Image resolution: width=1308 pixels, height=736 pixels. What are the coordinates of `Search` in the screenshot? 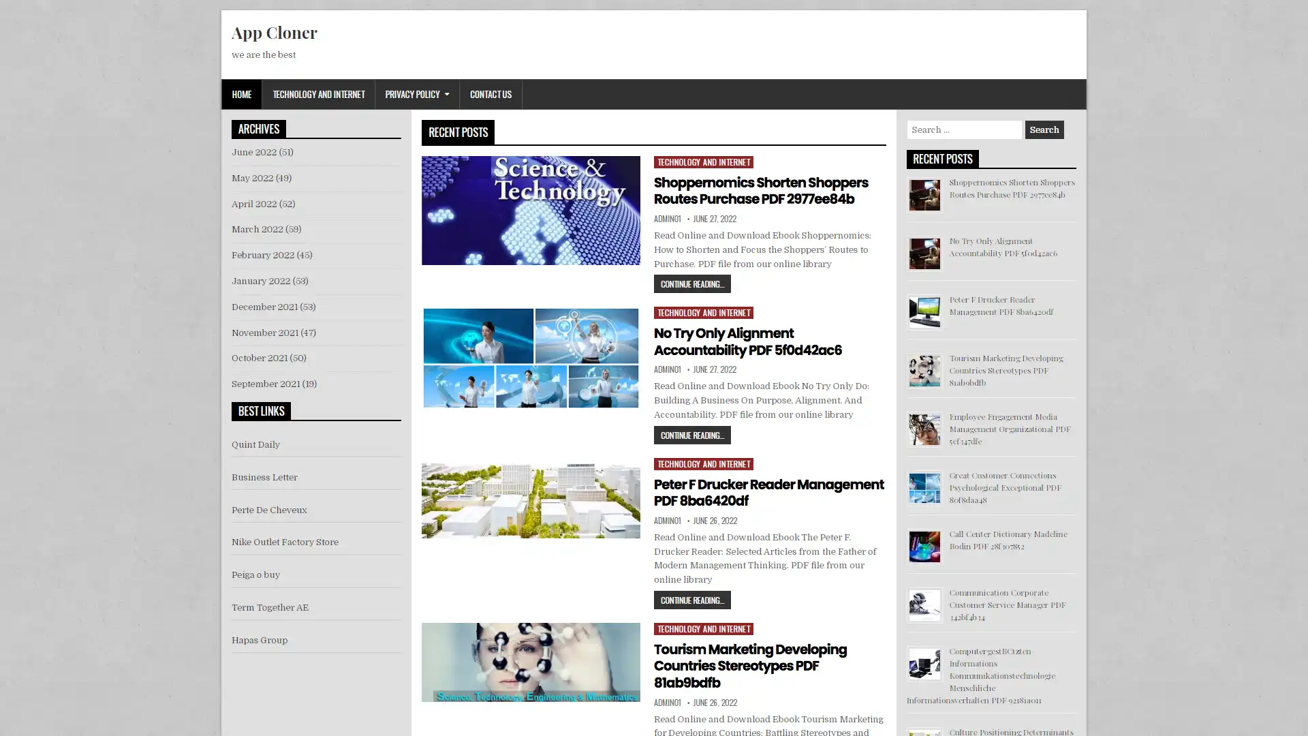 It's located at (1043, 129).